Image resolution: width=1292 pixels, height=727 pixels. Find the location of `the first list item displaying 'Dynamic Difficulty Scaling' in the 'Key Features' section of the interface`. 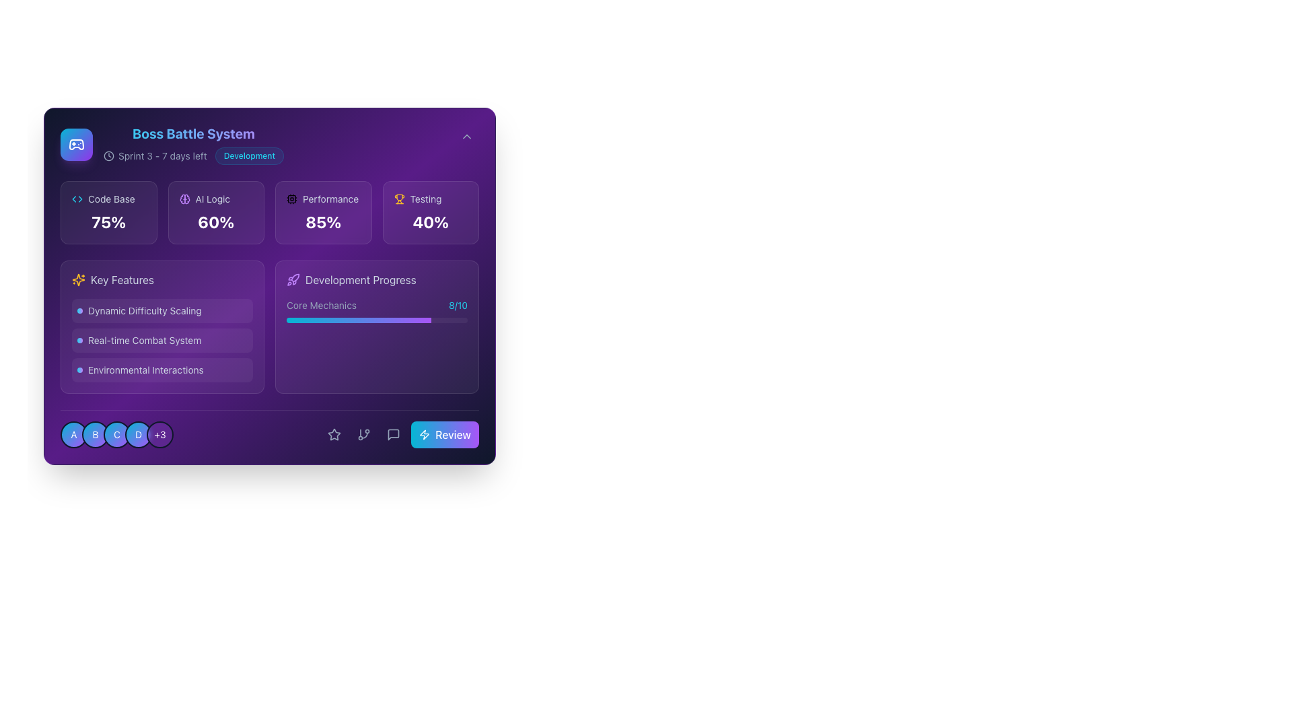

the first list item displaying 'Dynamic Difficulty Scaling' in the 'Key Features' section of the interface is located at coordinates (161, 311).